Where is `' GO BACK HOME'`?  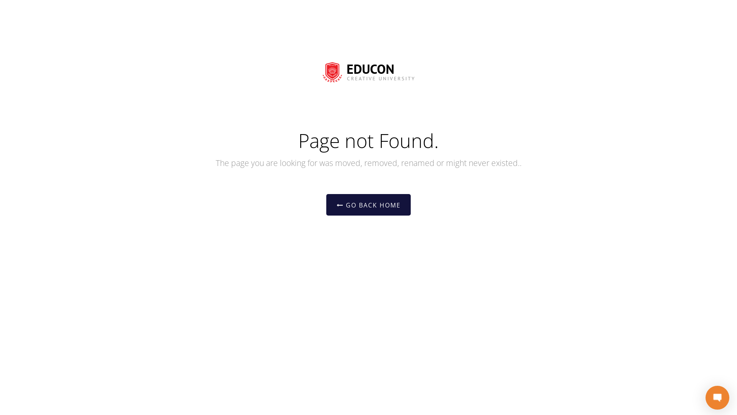
' GO BACK HOME' is located at coordinates (368, 204).